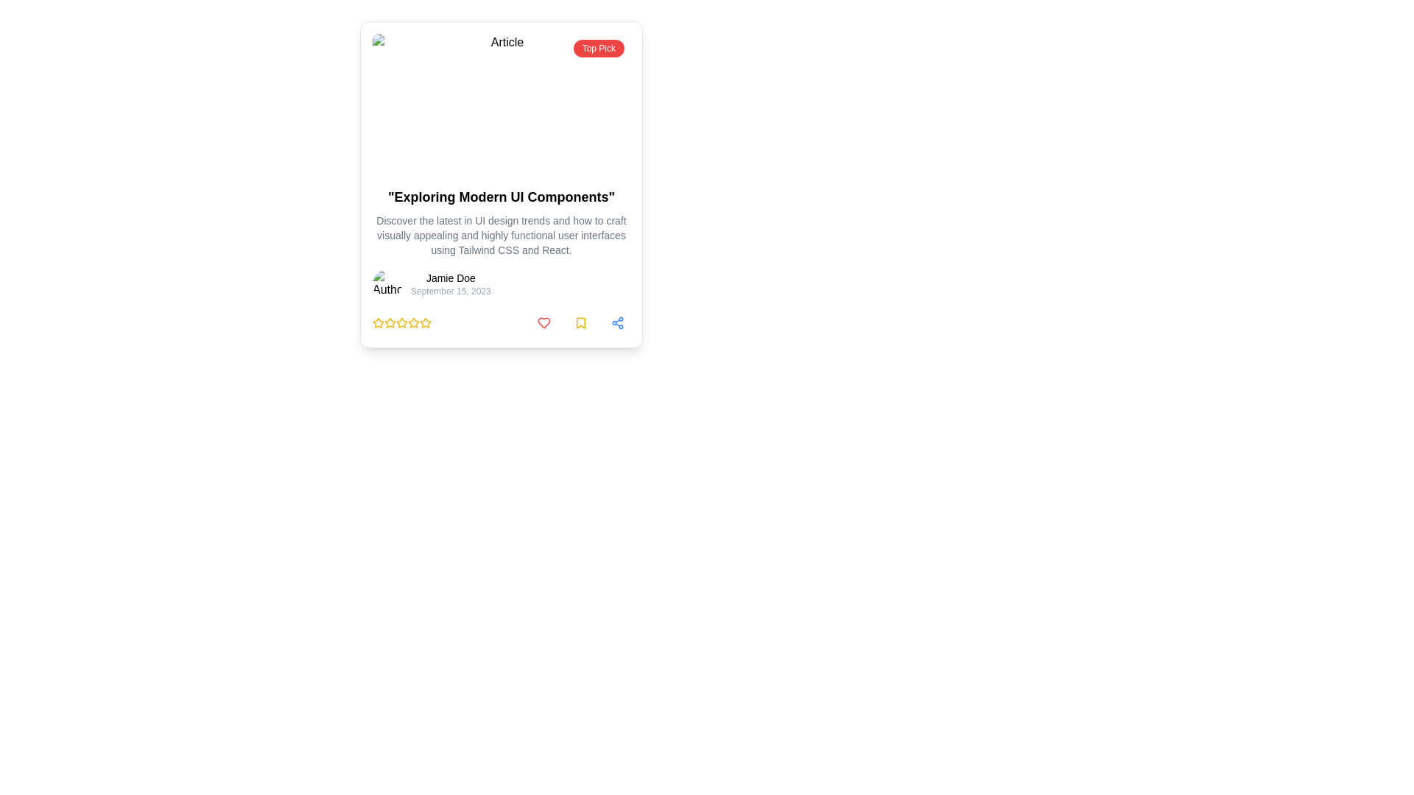 The image size is (1414, 795). What do you see at coordinates (544, 322) in the screenshot?
I see `the 'like' or 'favorite' button represented by a heart icon located at the bottom right of the article card` at bounding box center [544, 322].